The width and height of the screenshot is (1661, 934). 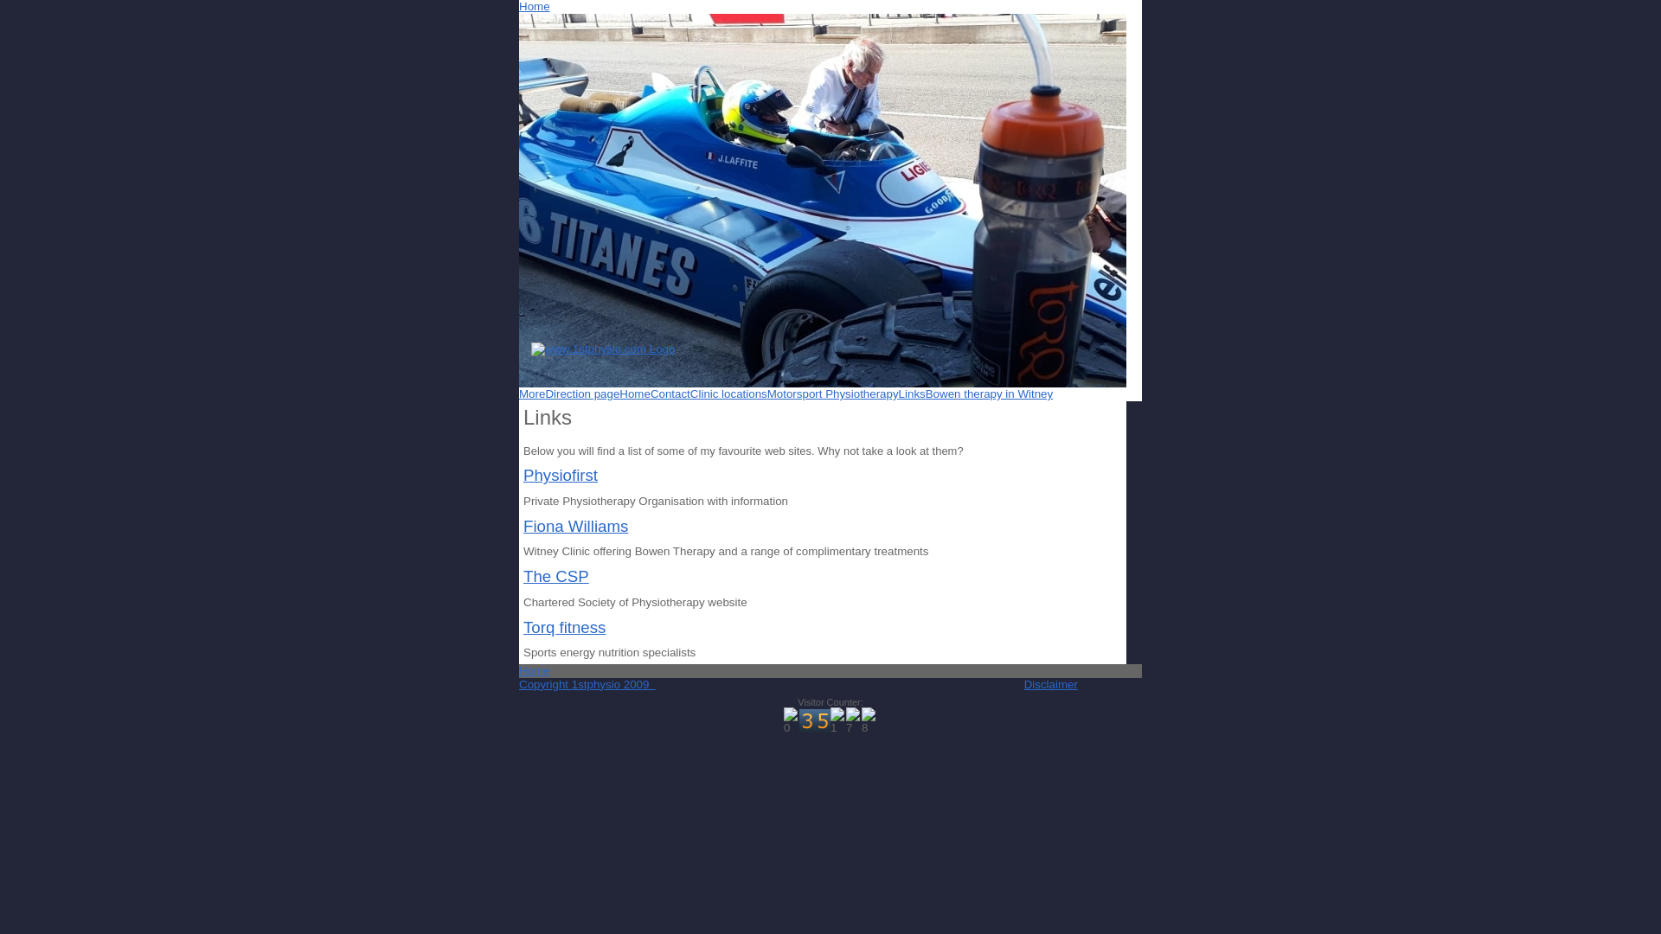 What do you see at coordinates (522, 627) in the screenshot?
I see `'Torq fitness'` at bounding box center [522, 627].